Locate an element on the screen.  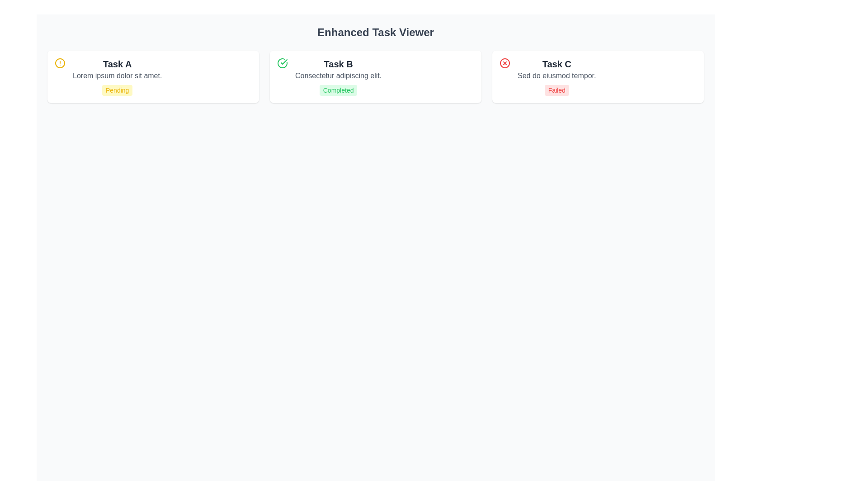
the 'Enhanced Task Viewer' text header, which is a large, bold, gray-colored header positioned at the top of the interface is located at coordinates (375, 32).